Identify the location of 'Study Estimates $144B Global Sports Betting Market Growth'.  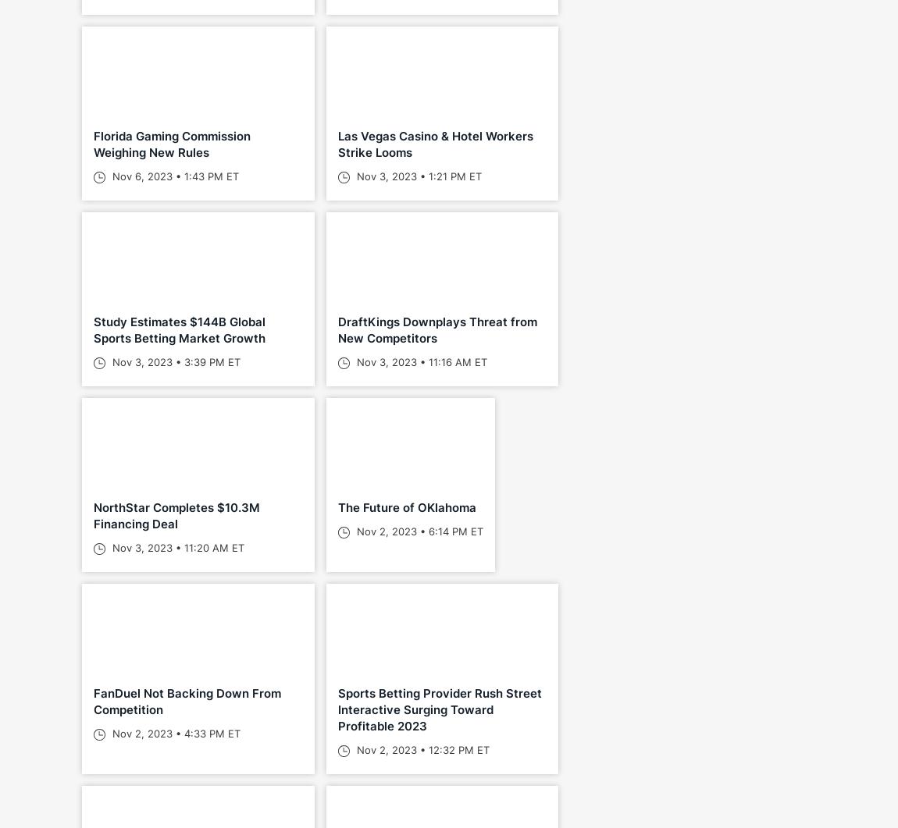
(179, 330).